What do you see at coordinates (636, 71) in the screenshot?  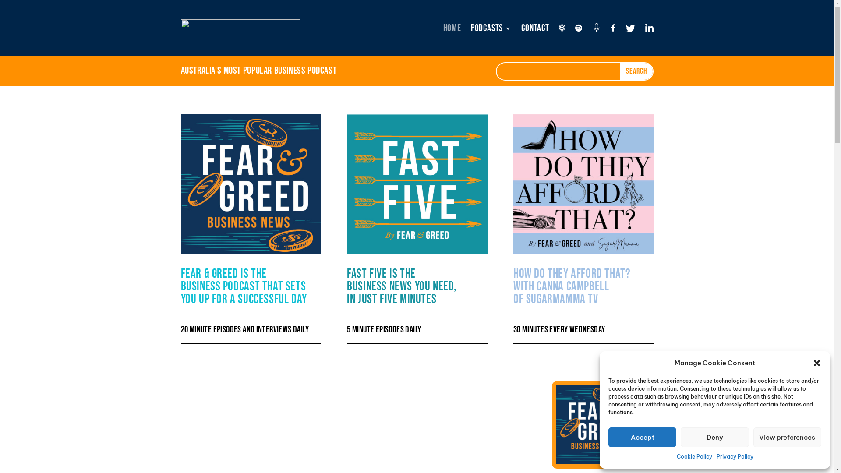 I see `'Search'` at bounding box center [636, 71].